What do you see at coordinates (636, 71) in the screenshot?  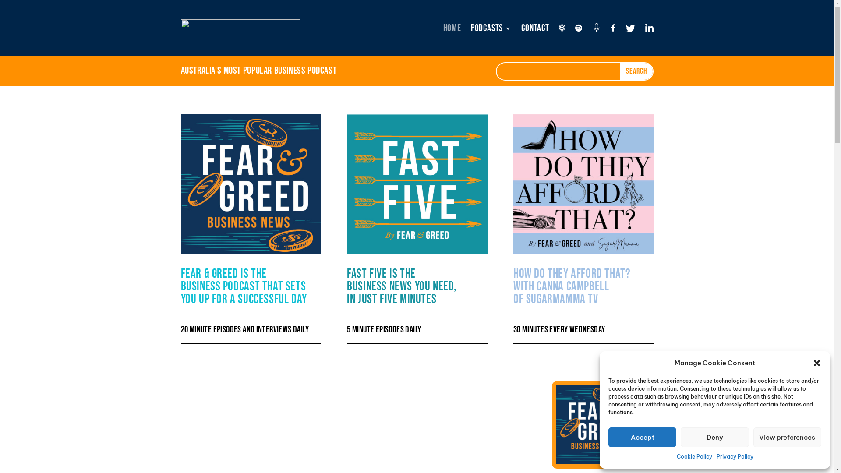 I see `'Search'` at bounding box center [636, 71].